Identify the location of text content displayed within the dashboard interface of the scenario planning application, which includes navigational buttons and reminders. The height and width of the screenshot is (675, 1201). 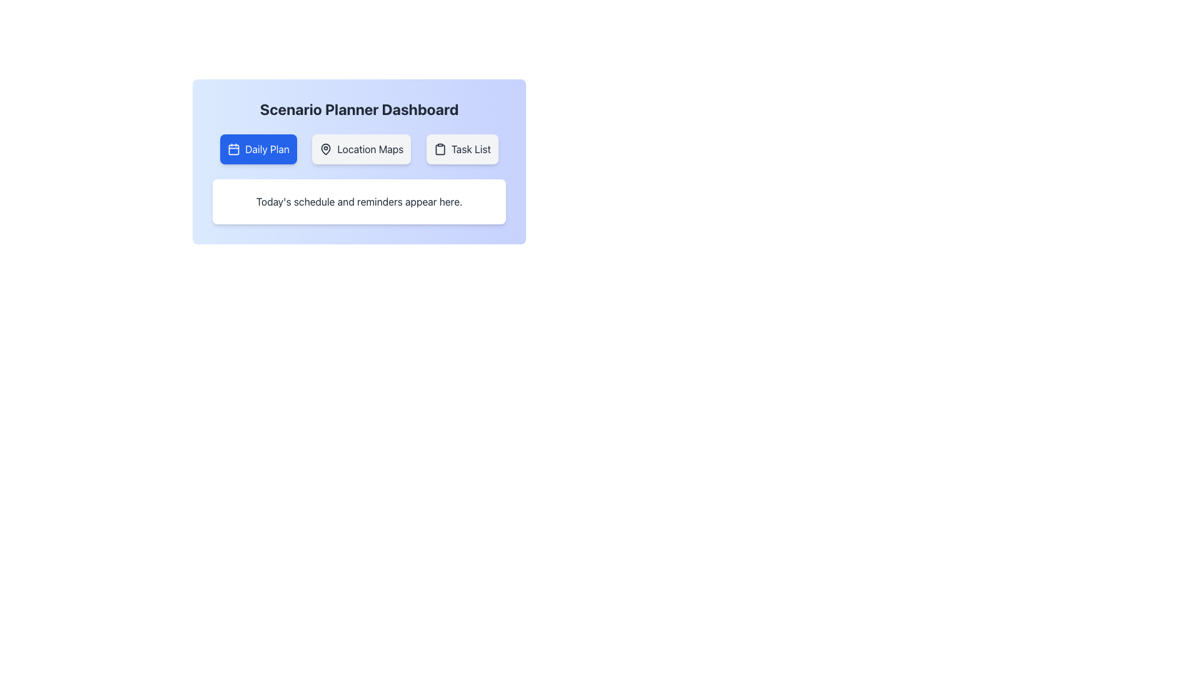
(358, 161).